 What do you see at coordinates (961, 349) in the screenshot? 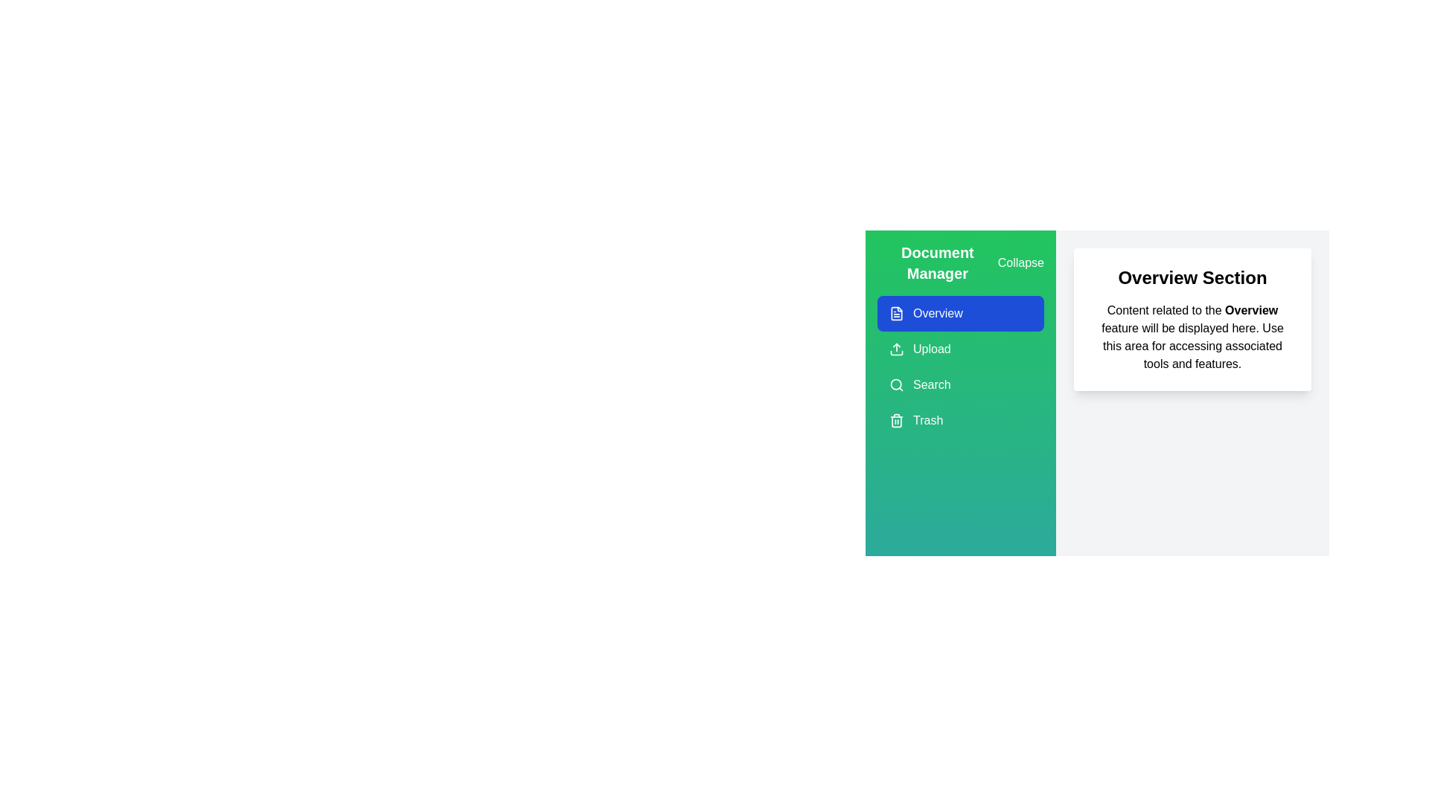
I see `the menu option Upload in the Document Management Drawer` at bounding box center [961, 349].